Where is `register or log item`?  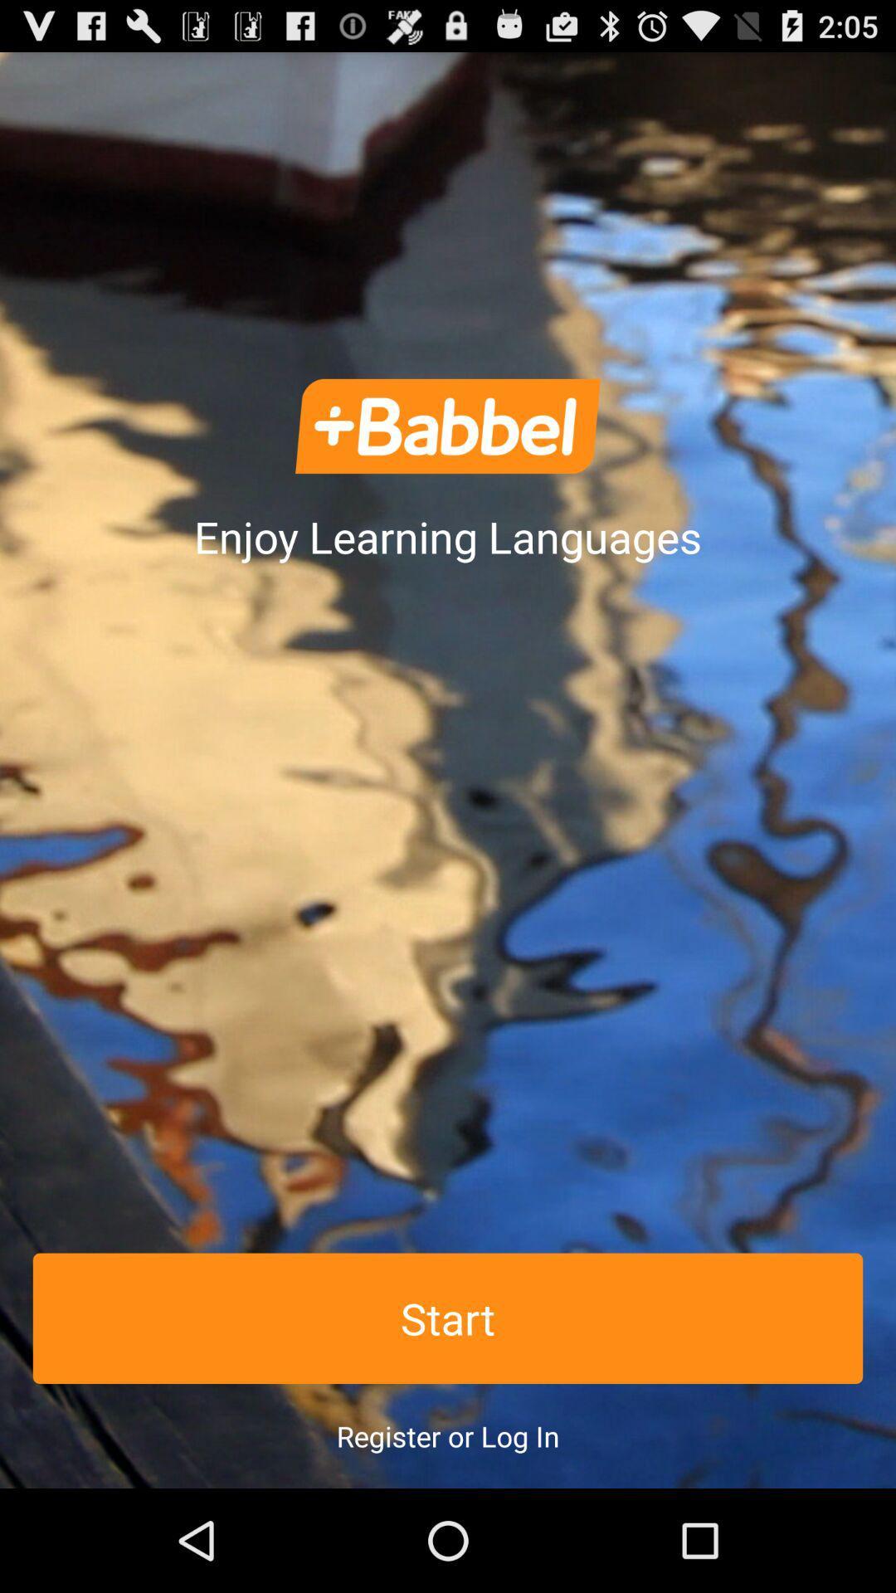 register or log item is located at coordinates (448, 1435).